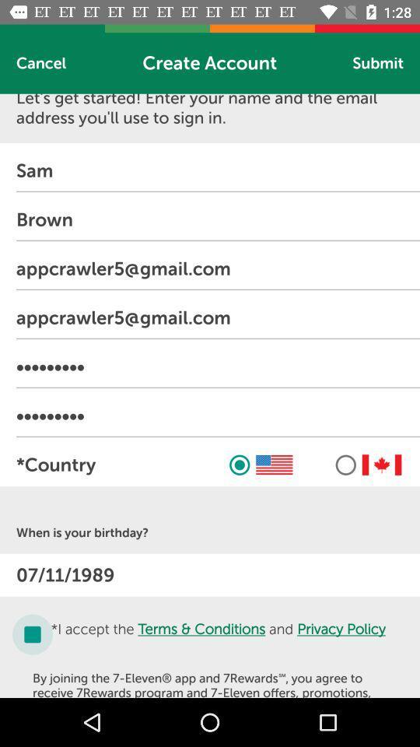 This screenshot has height=747, width=420. What do you see at coordinates (217, 366) in the screenshot?
I see `the first password box` at bounding box center [217, 366].